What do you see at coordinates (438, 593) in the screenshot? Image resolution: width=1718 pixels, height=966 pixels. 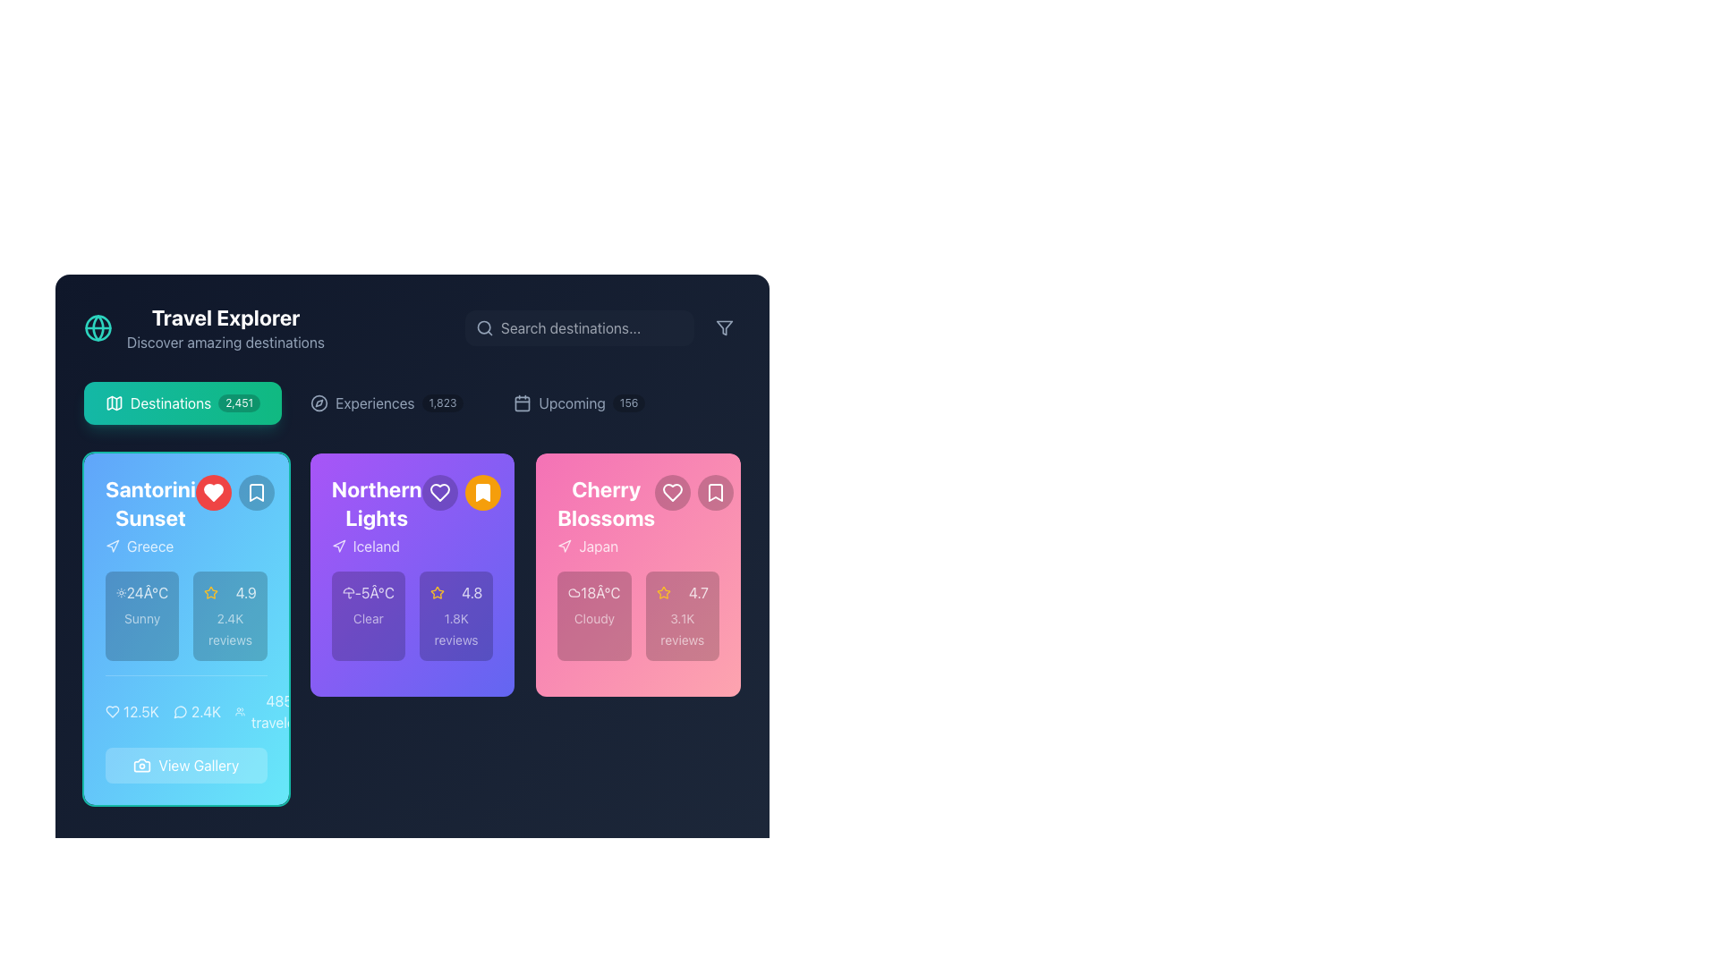 I see `the star-shaped icon with a golden yellow fill` at bounding box center [438, 593].